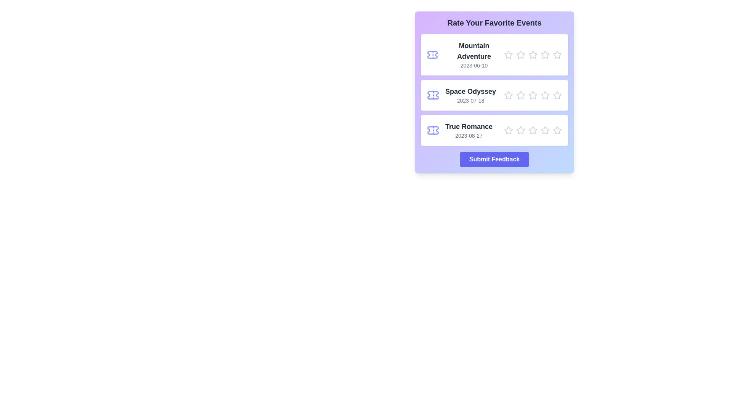 The height and width of the screenshot is (412, 732). I want to click on the star corresponding to the rating 2 for the movie Mountain Adventure, so click(520, 54).